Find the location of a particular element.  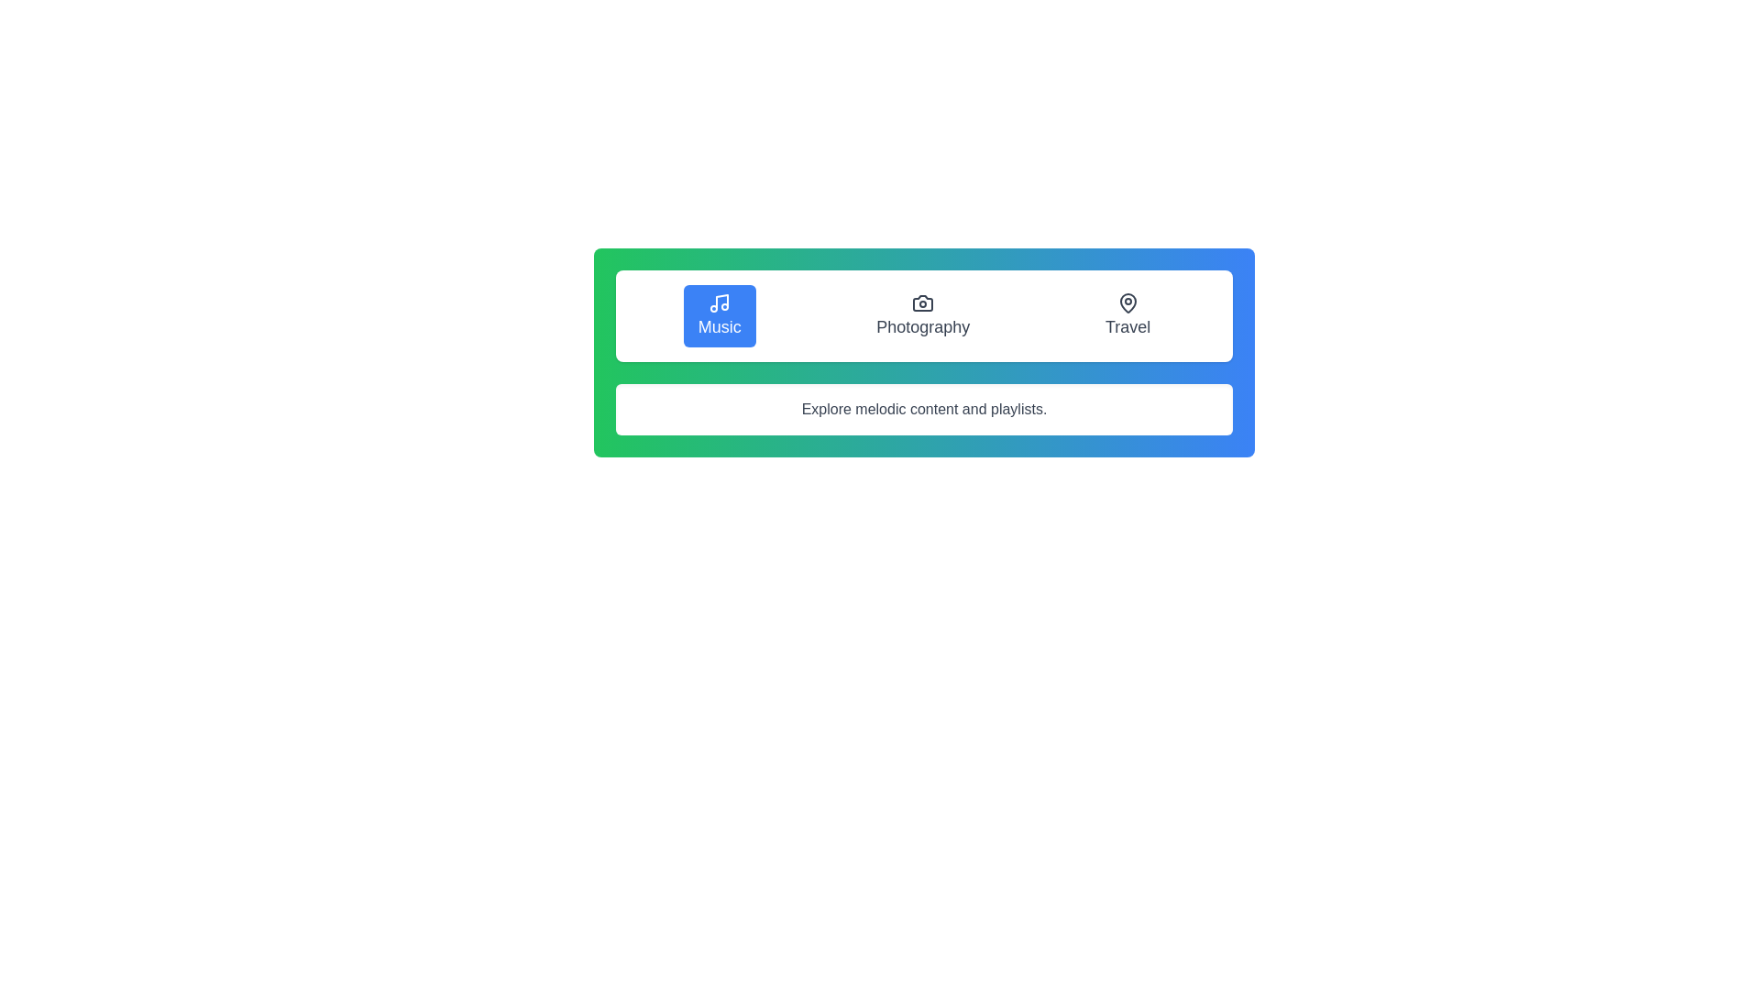

the Music tab to switch content is located at coordinates (719, 314).